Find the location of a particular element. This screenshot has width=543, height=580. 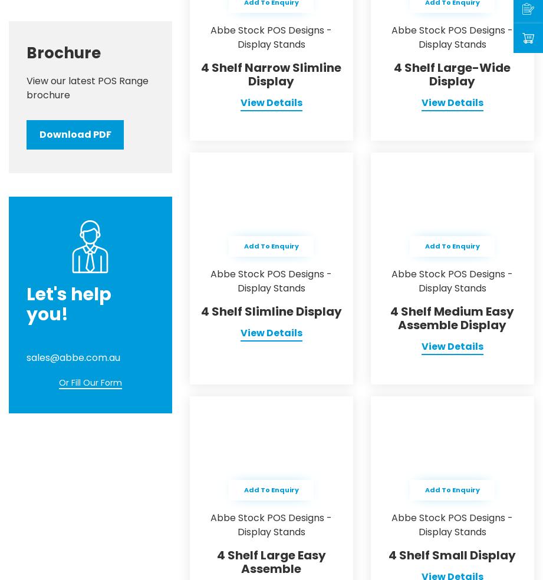

'Brochure' is located at coordinates (64, 52).